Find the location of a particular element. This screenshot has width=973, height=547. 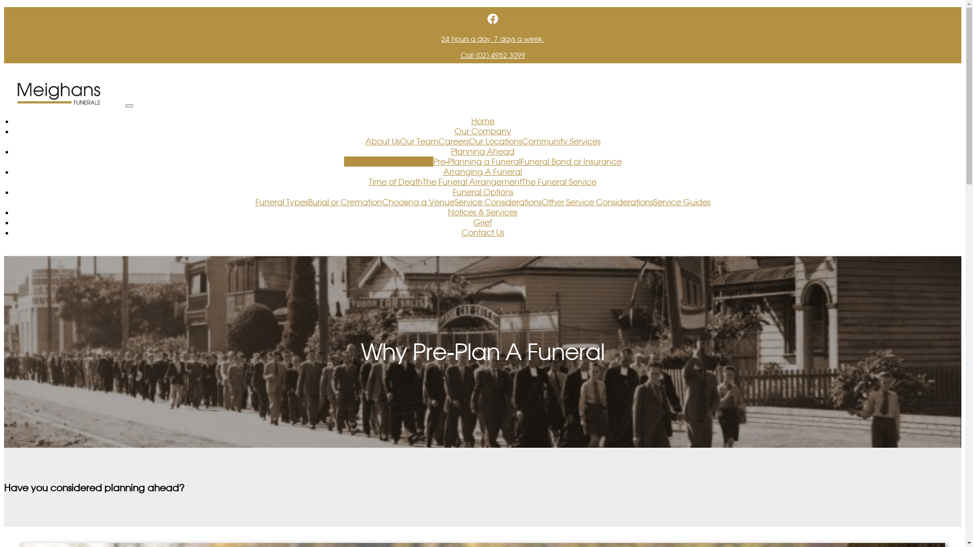

'Community Services' is located at coordinates (560, 141).